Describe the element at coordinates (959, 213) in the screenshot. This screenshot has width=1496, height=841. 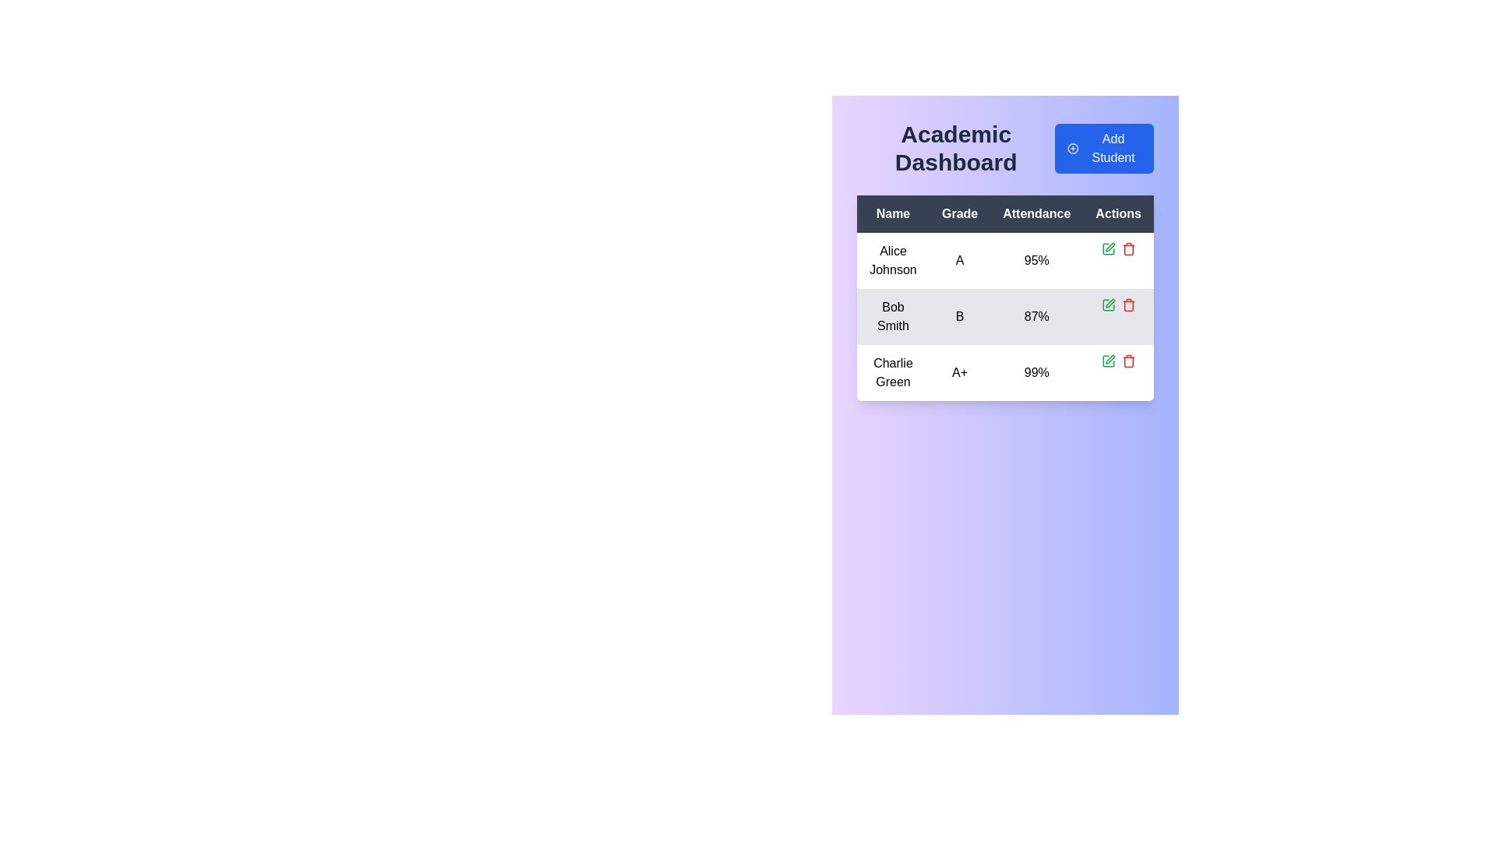
I see `the 'Grade' column header cell in the table, which is the second item in the header row that includes 'Name', 'Grade', 'Attendance', and 'Actions'` at that location.